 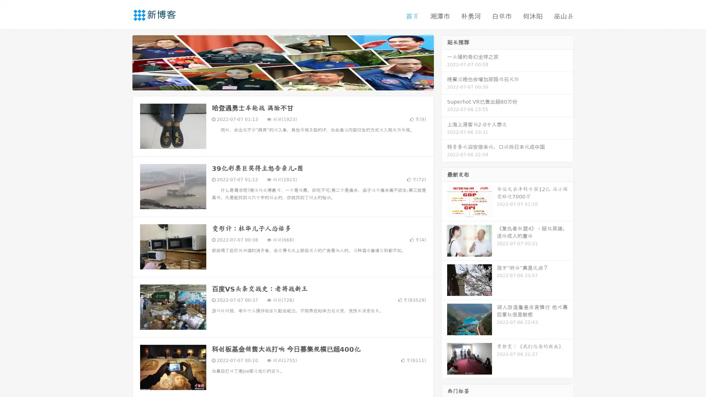 I want to click on Go to slide 1, so click(x=275, y=83).